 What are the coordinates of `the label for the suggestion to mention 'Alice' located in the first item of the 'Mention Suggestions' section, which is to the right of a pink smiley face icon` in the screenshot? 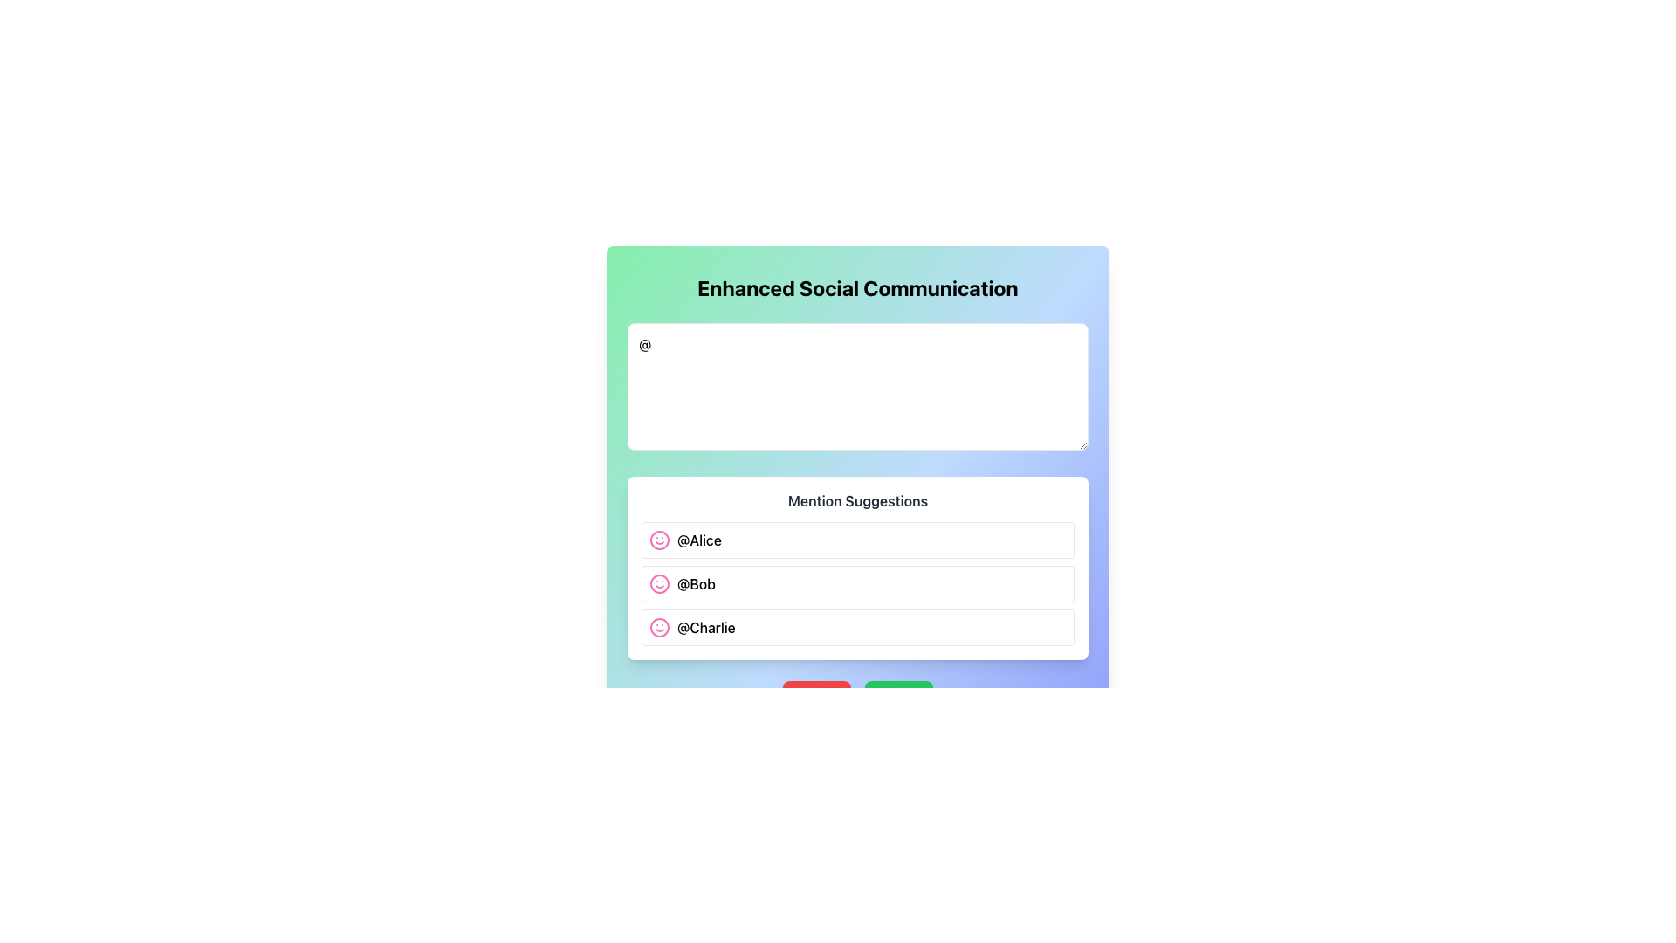 It's located at (699, 539).